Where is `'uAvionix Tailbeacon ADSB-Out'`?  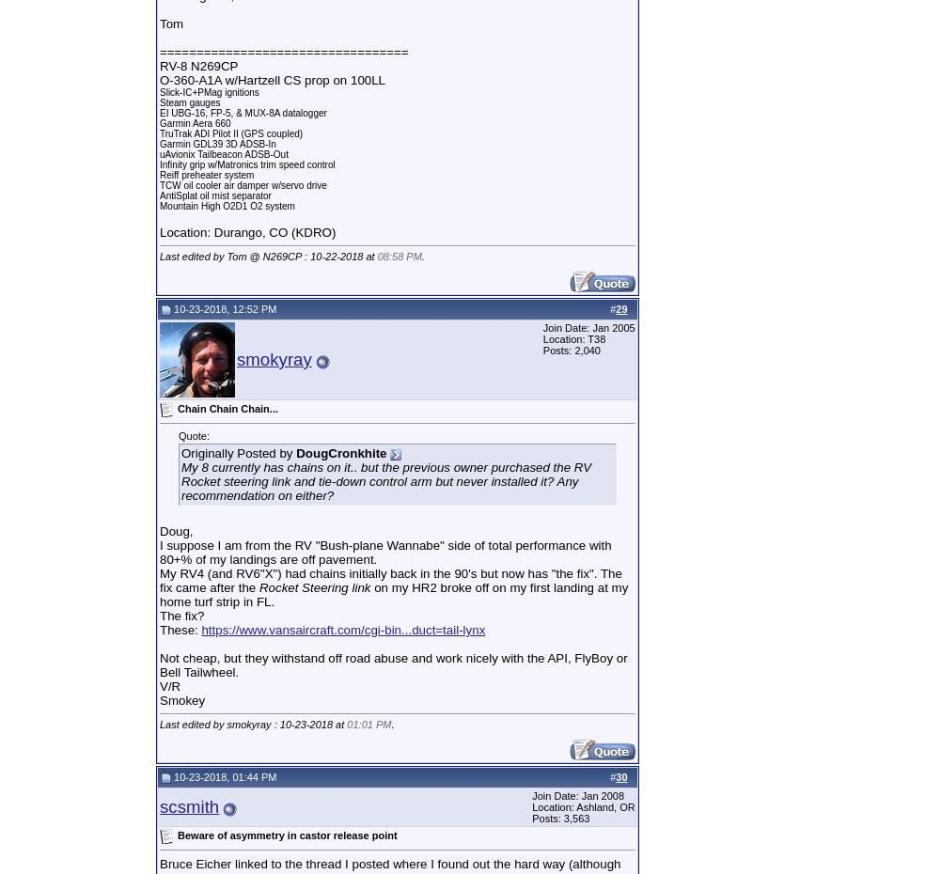 'uAvionix Tailbeacon ADSB-Out' is located at coordinates (223, 153).